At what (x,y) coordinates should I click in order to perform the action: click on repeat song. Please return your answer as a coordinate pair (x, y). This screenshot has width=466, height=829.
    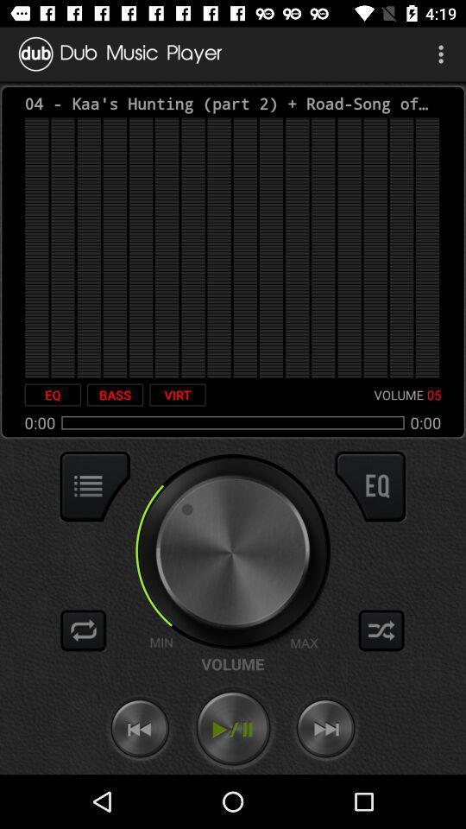
    Looking at the image, I should click on (83, 630).